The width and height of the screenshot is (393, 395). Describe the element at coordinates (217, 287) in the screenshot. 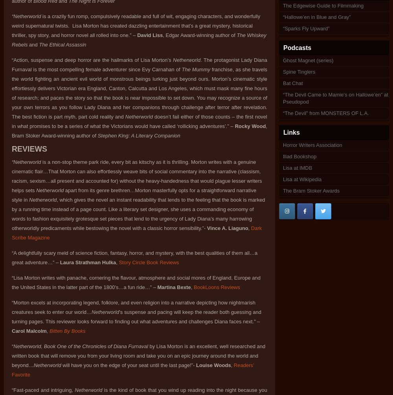

I see `'BookLoons Reviews'` at that location.